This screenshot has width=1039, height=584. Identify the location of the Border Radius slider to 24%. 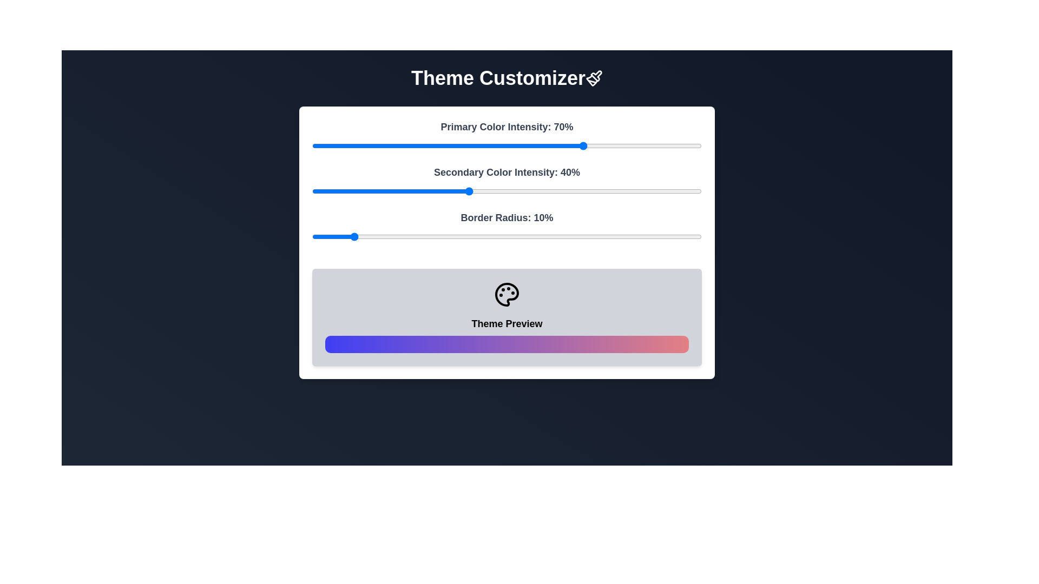
(405, 236).